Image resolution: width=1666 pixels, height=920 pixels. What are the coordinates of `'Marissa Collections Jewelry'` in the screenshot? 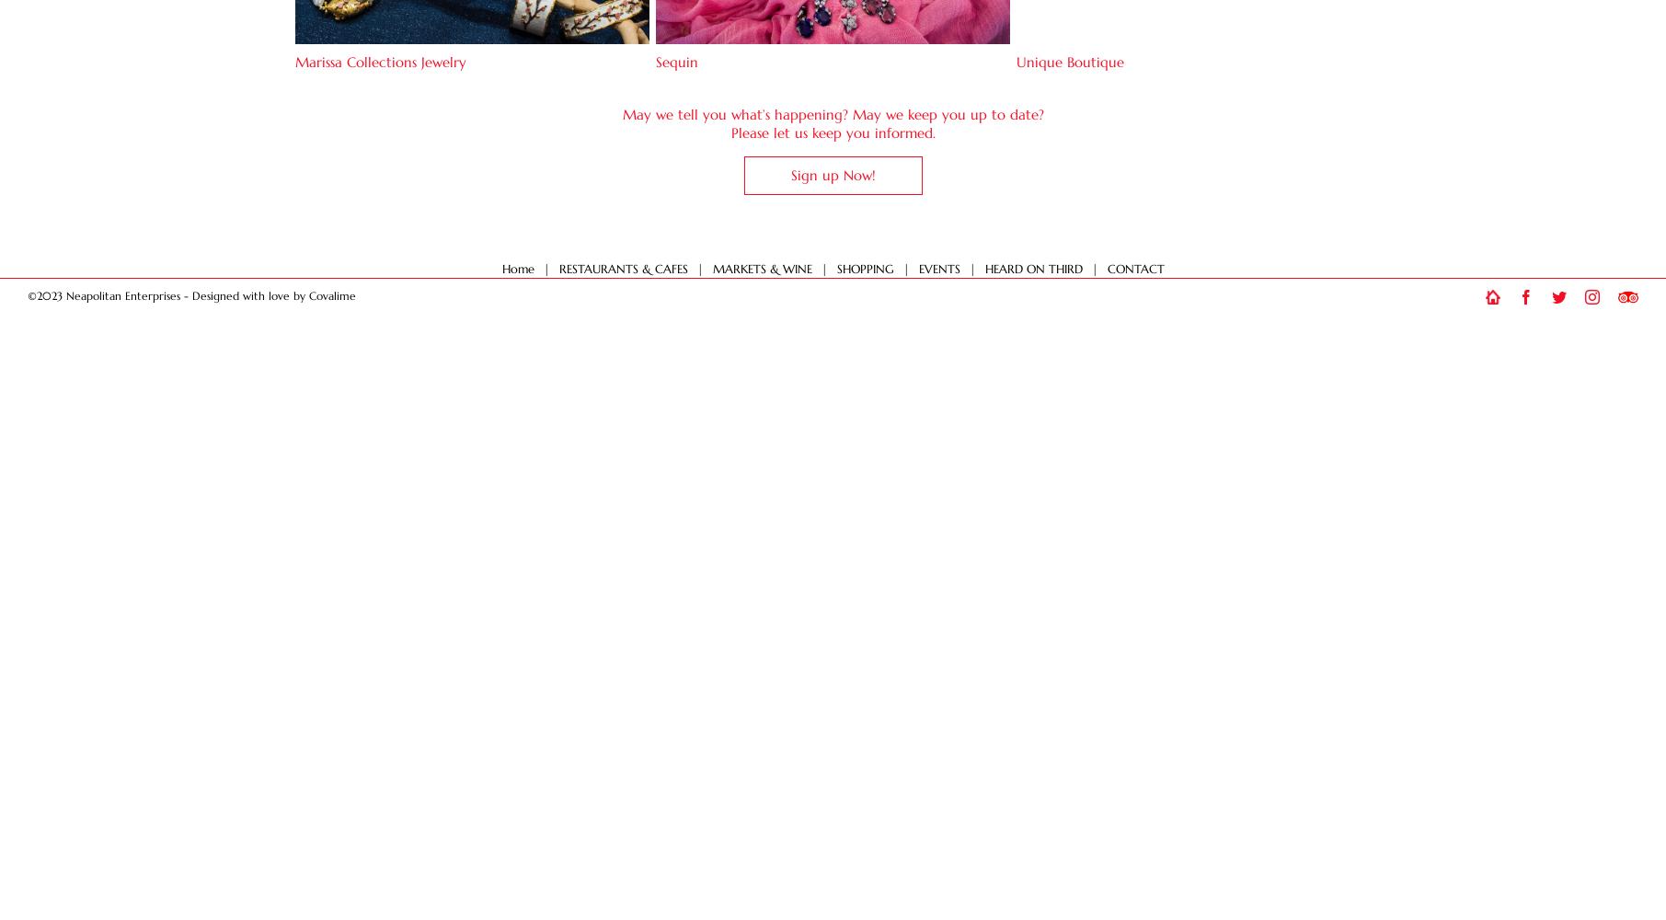 It's located at (380, 61).